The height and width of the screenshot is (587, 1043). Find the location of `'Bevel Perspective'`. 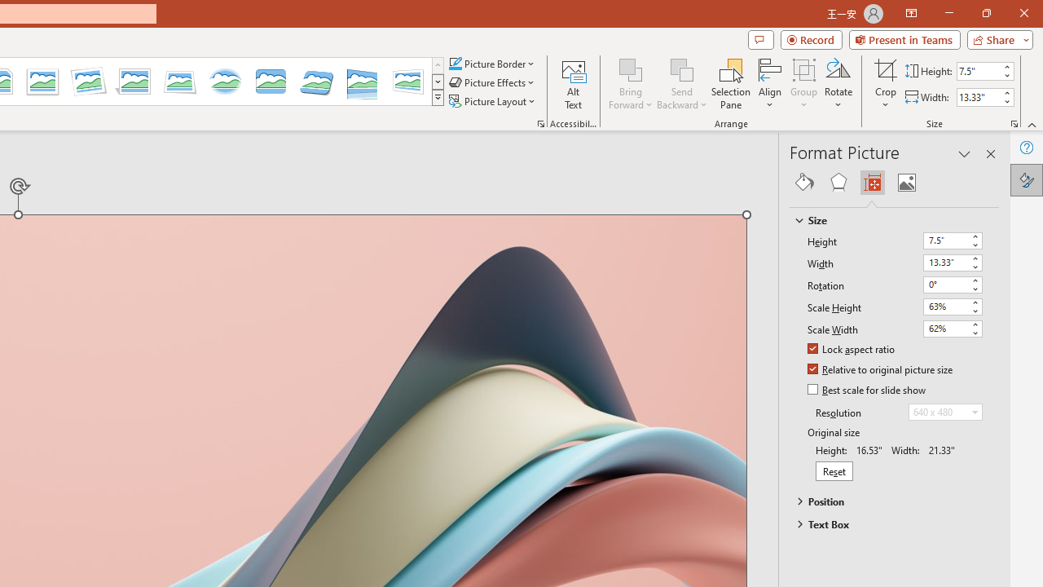

'Bevel Perspective' is located at coordinates (317, 82).